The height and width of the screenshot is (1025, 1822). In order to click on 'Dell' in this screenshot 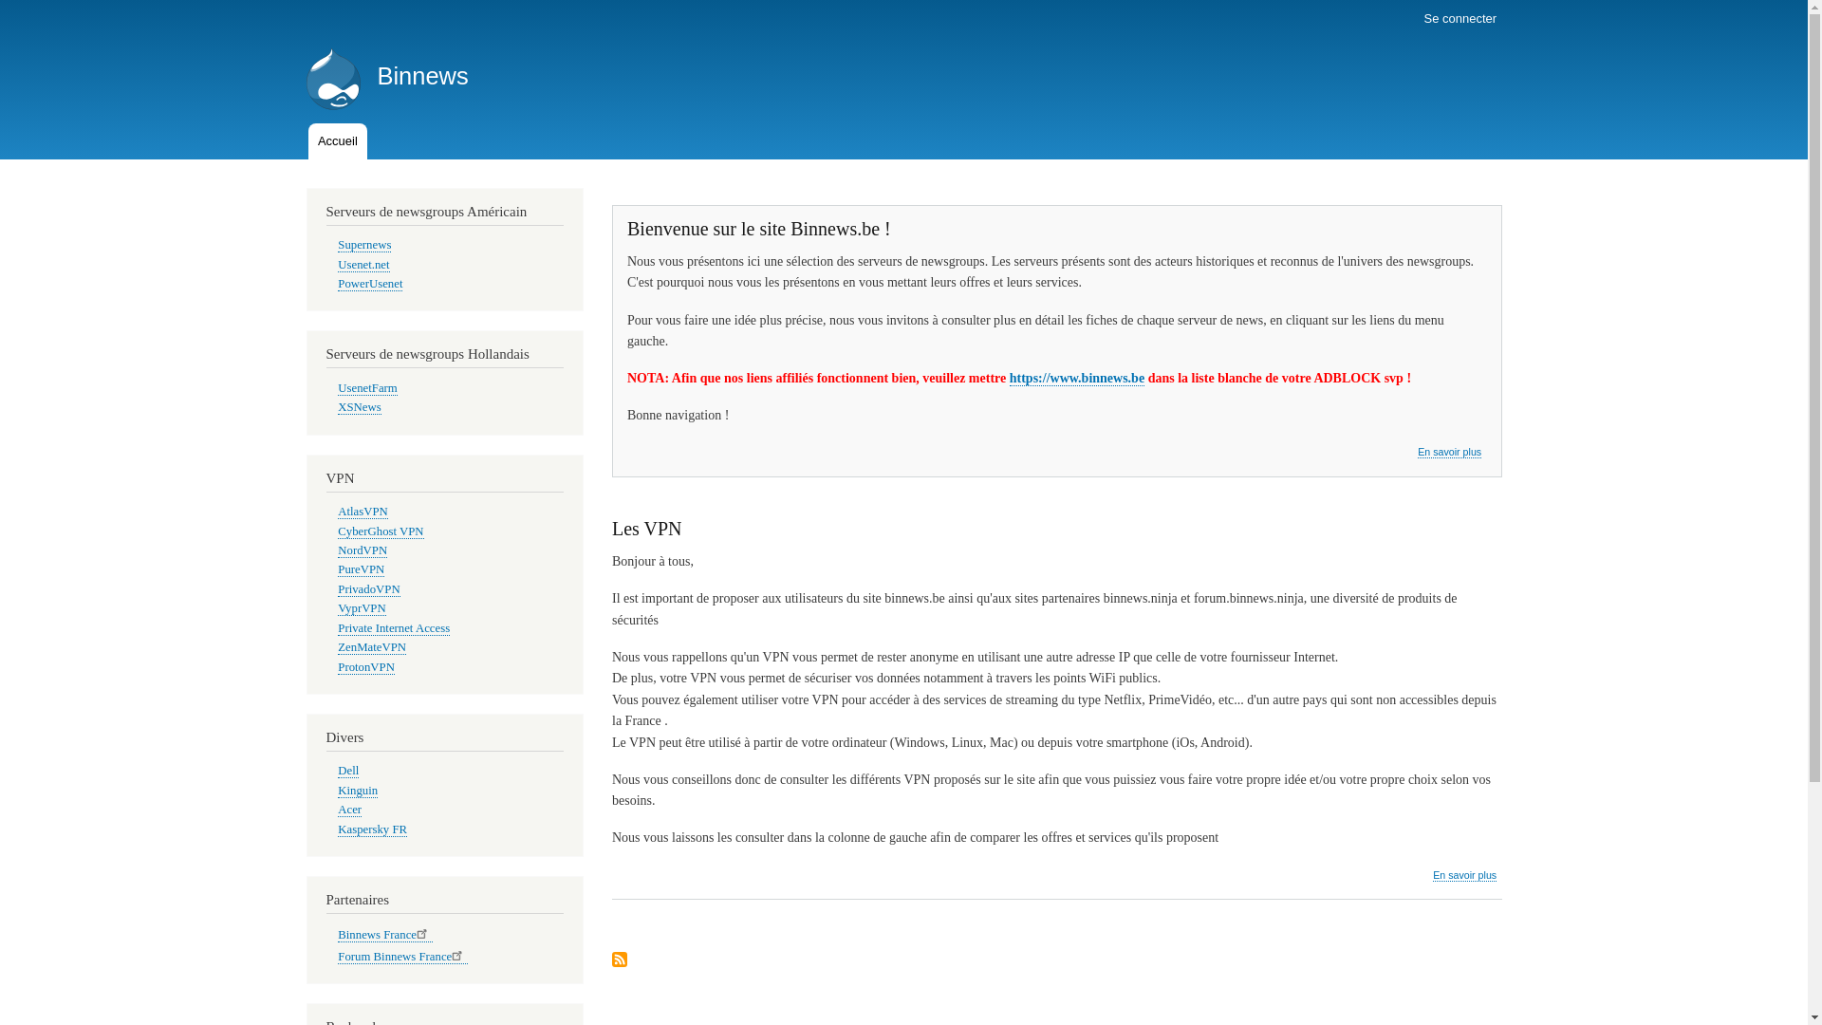, I will do `click(347, 771)`.